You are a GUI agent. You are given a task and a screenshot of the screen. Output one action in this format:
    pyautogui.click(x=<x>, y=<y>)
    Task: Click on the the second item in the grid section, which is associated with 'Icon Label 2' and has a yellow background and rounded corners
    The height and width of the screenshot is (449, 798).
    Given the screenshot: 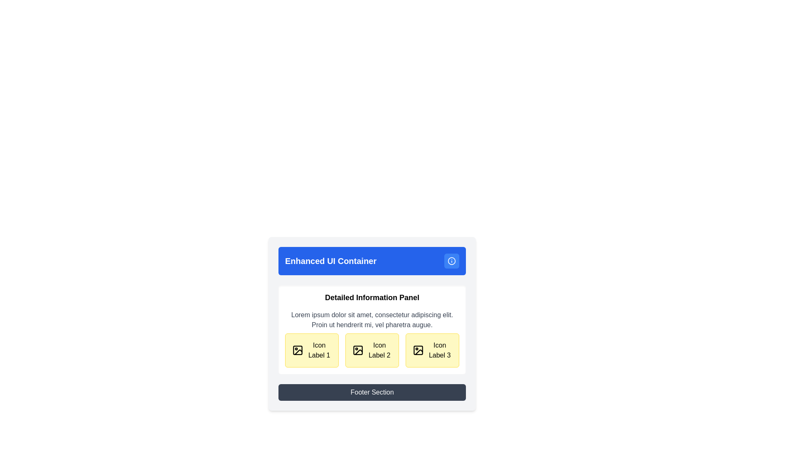 What is the action you would take?
    pyautogui.click(x=372, y=350)
    